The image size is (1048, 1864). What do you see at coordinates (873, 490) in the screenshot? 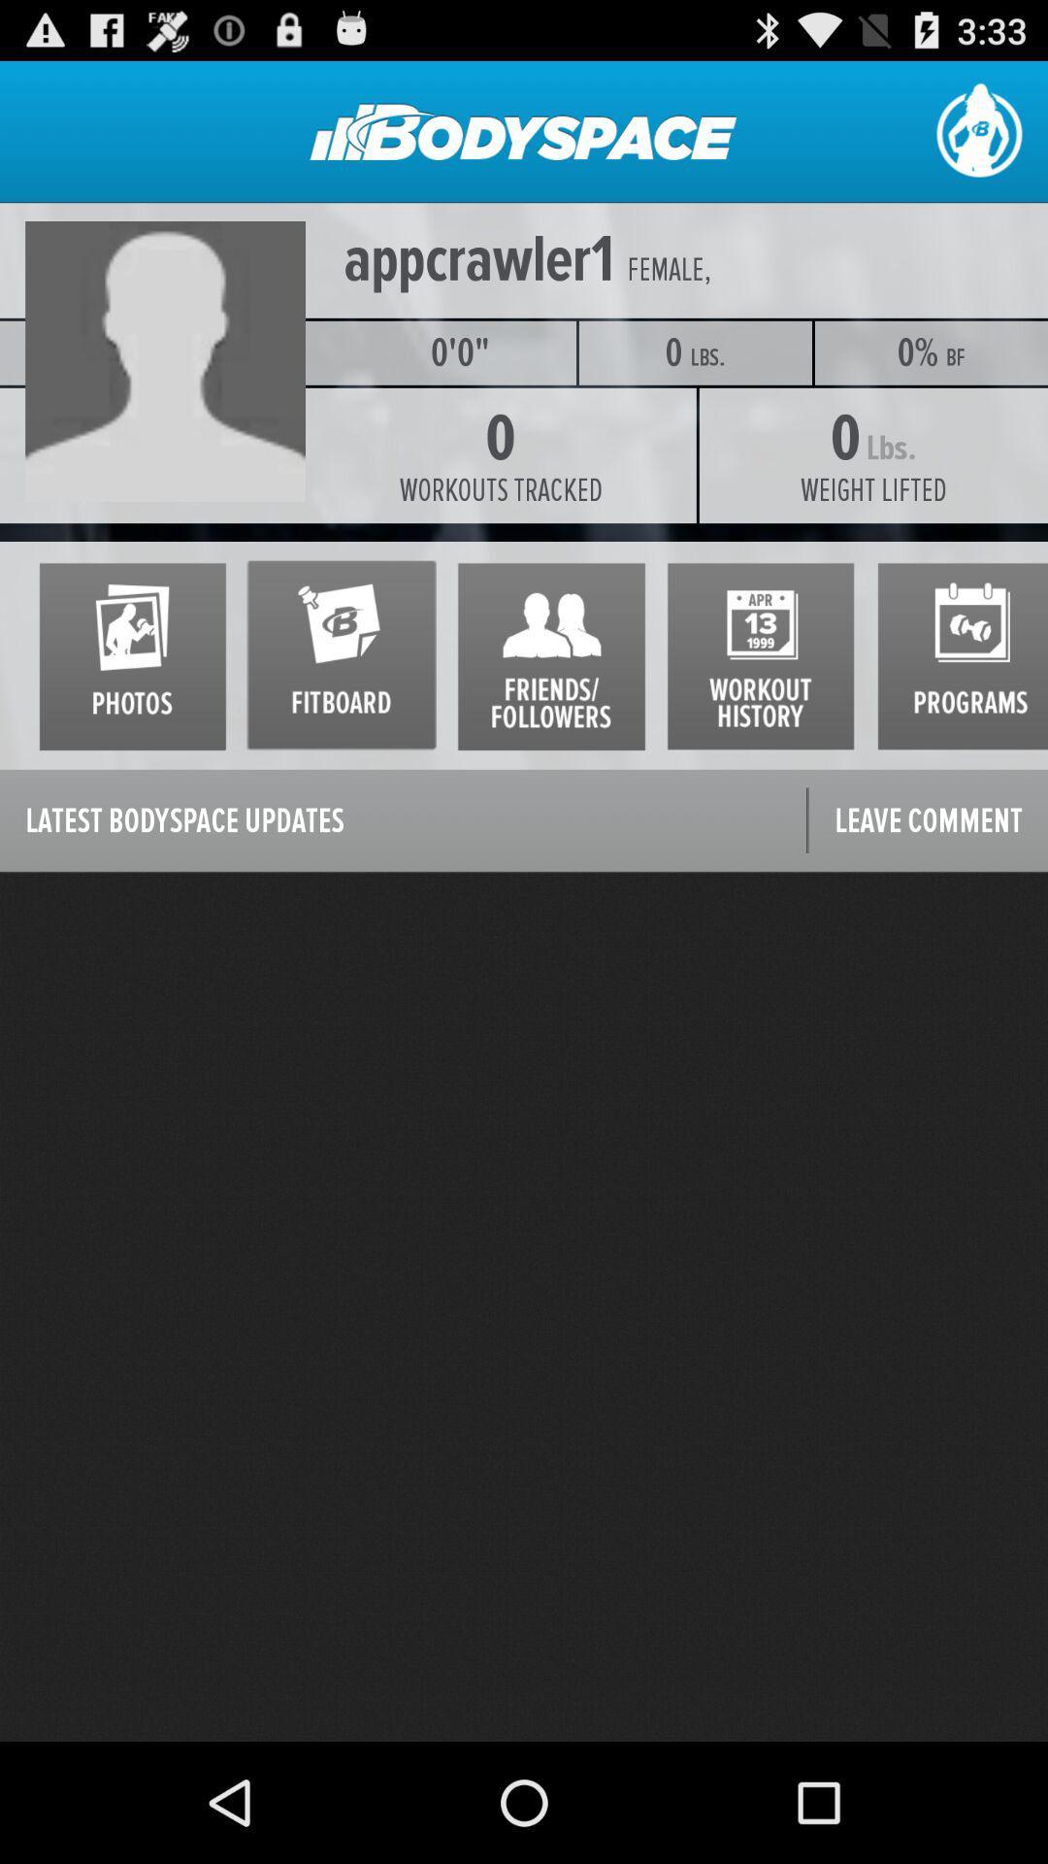
I see `the item below the lbs. item` at bounding box center [873, 490].